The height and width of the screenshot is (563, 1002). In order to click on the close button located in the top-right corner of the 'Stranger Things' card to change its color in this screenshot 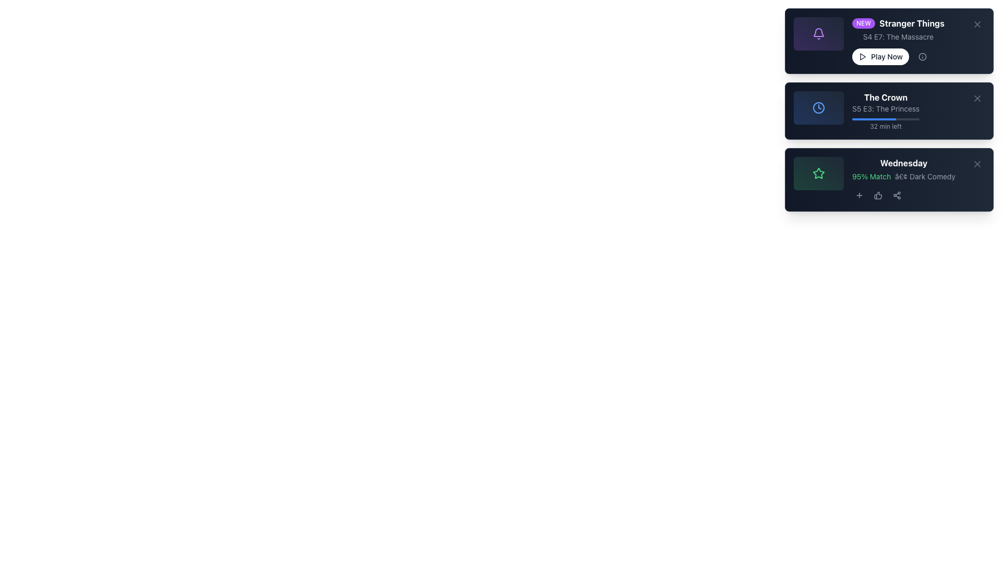, I will do `click(976, 23)`.